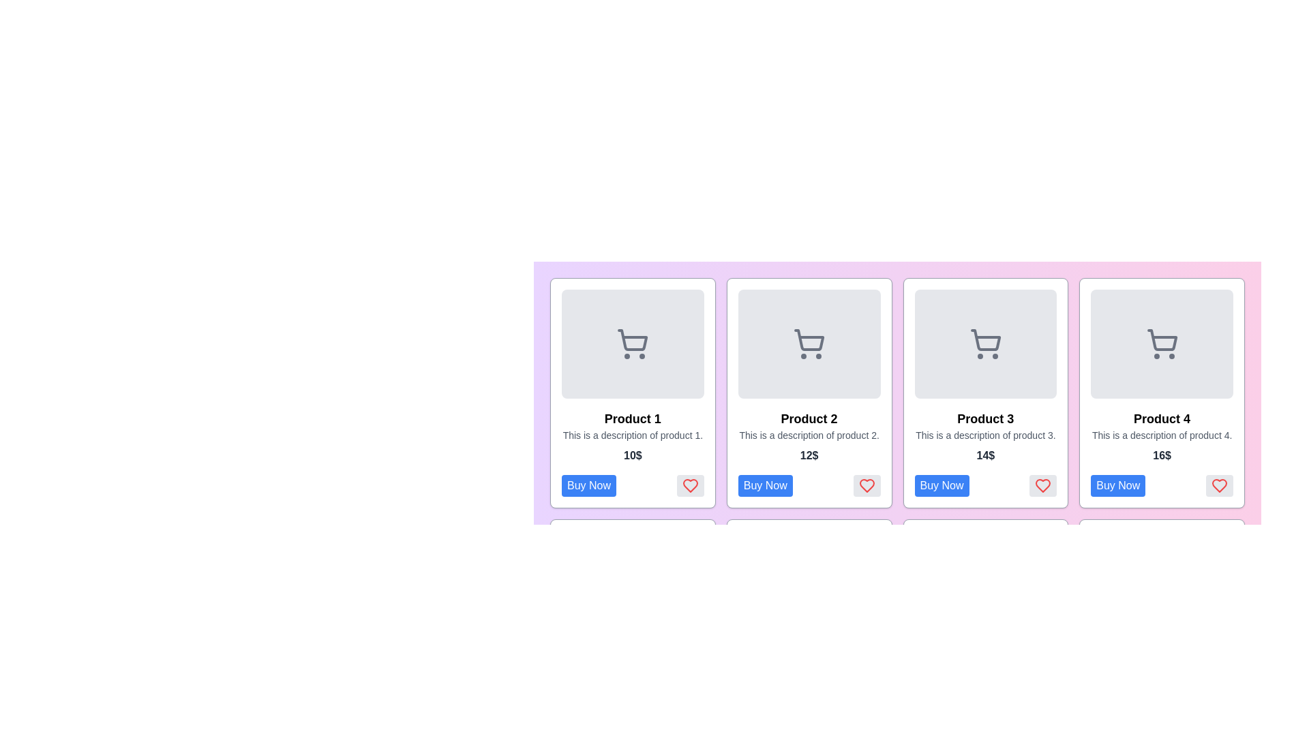  What do you see at coordinates (985, 418) in the screenshot?
I see `the text element displaying 'Product 3', which is bold and larger than other text elements` at bounding box center [985, 418].